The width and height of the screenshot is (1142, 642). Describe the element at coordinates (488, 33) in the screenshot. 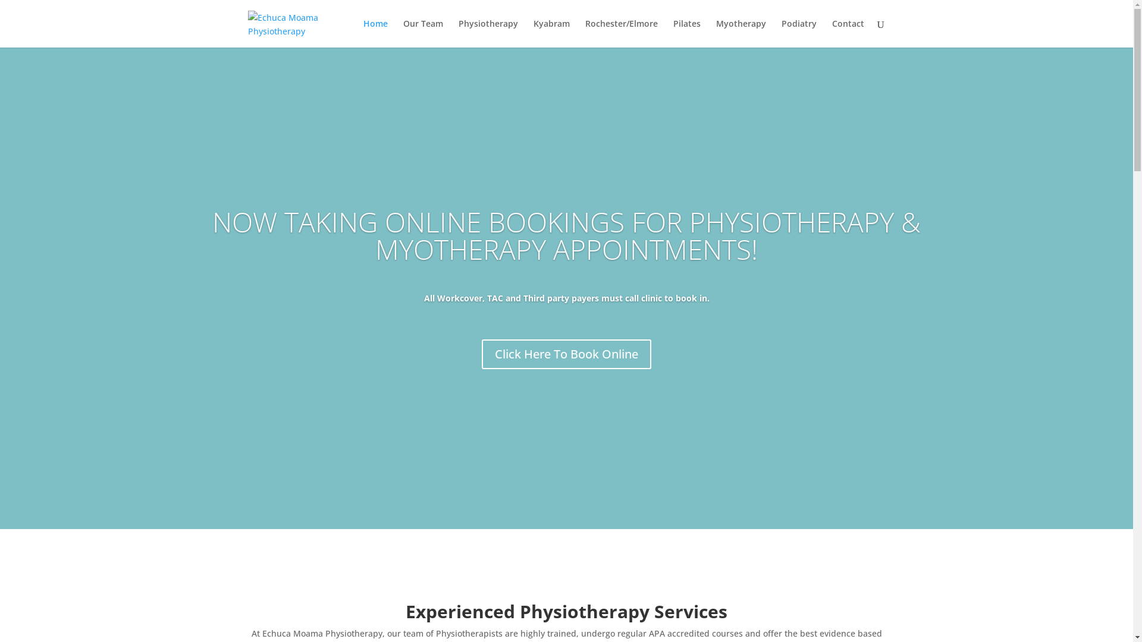

I see `'Physiotherapy'` at that location.